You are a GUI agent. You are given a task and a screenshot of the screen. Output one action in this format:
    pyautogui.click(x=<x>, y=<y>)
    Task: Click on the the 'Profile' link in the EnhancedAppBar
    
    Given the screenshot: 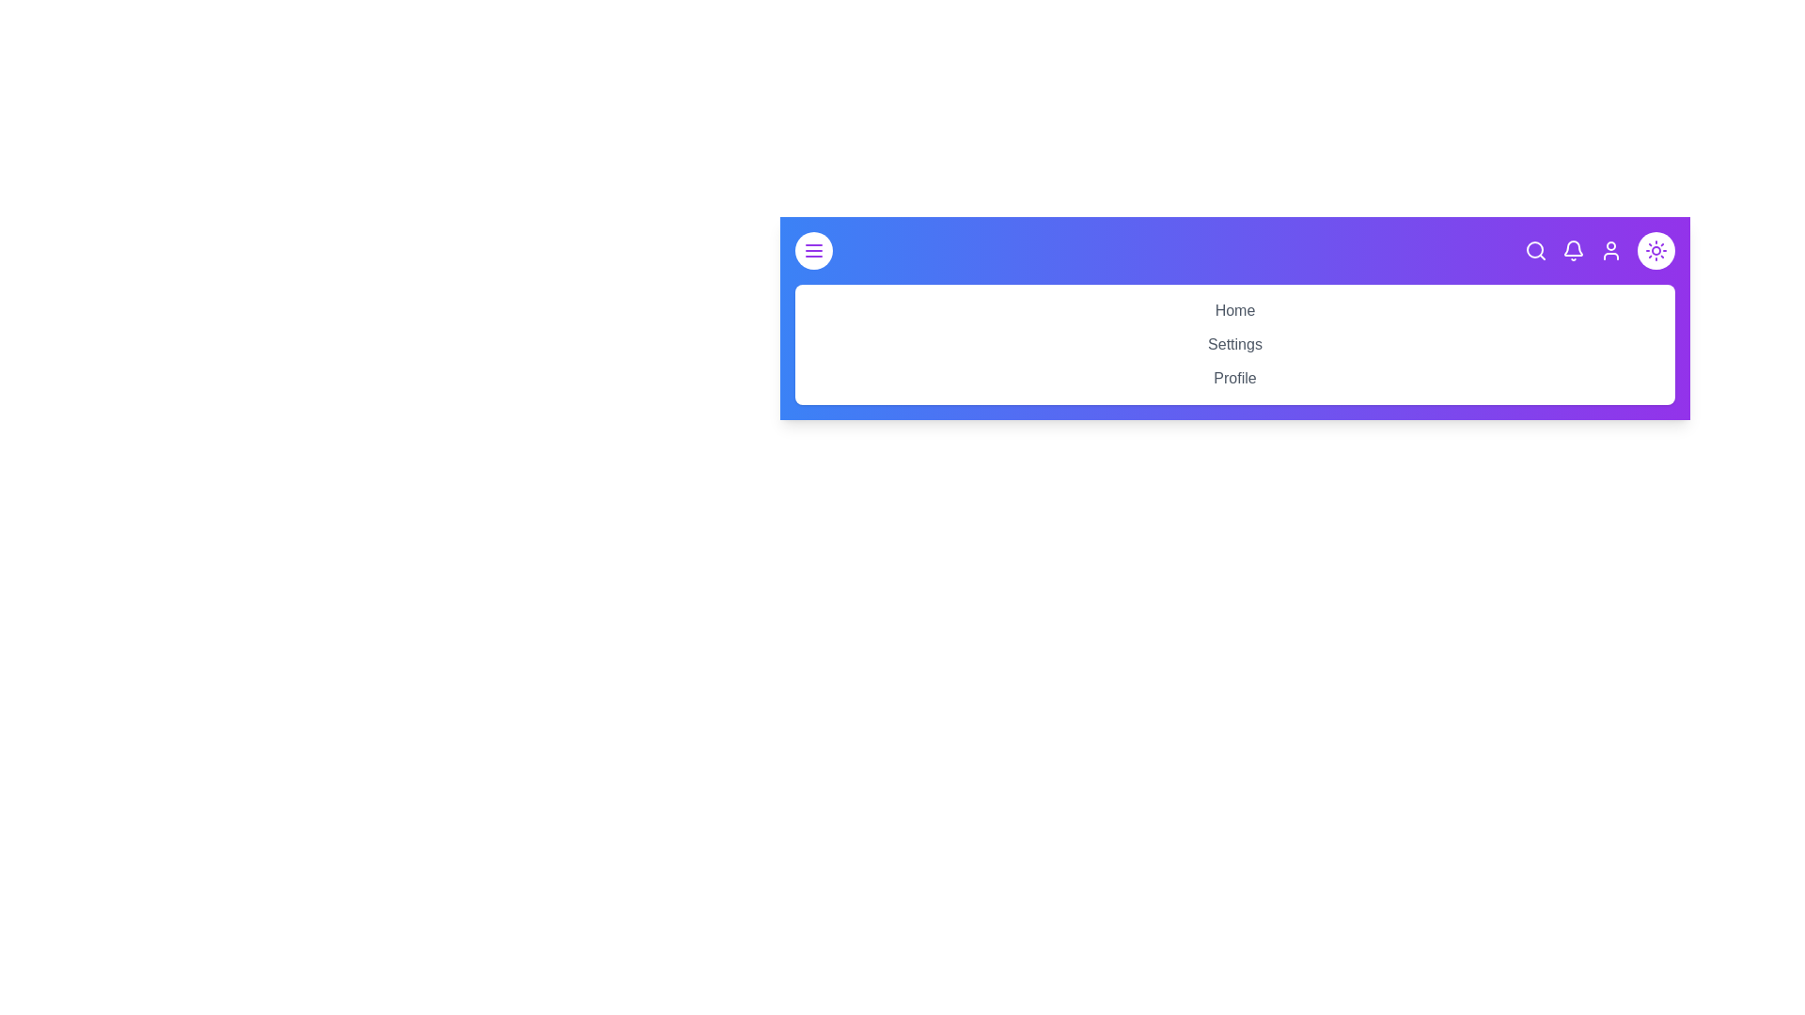 What is the action you would take?
    pyautogui.click(x=1235, y=377)
    